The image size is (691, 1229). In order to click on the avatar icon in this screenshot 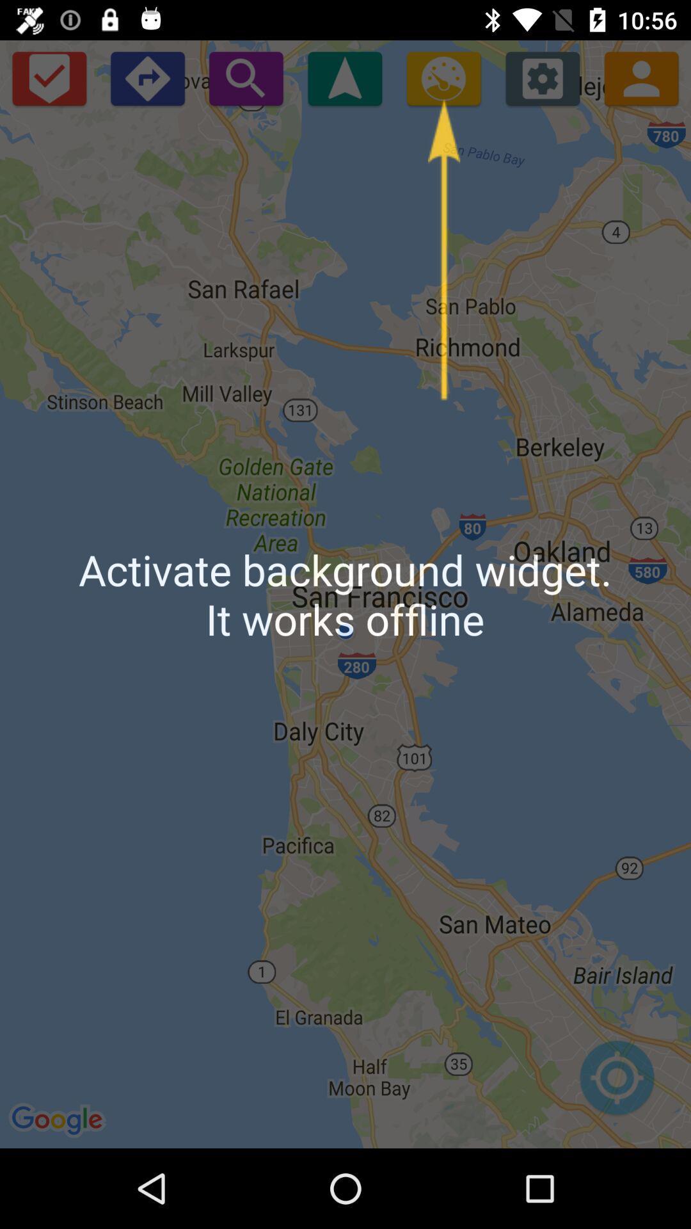, I will do `click(641, 77)`.